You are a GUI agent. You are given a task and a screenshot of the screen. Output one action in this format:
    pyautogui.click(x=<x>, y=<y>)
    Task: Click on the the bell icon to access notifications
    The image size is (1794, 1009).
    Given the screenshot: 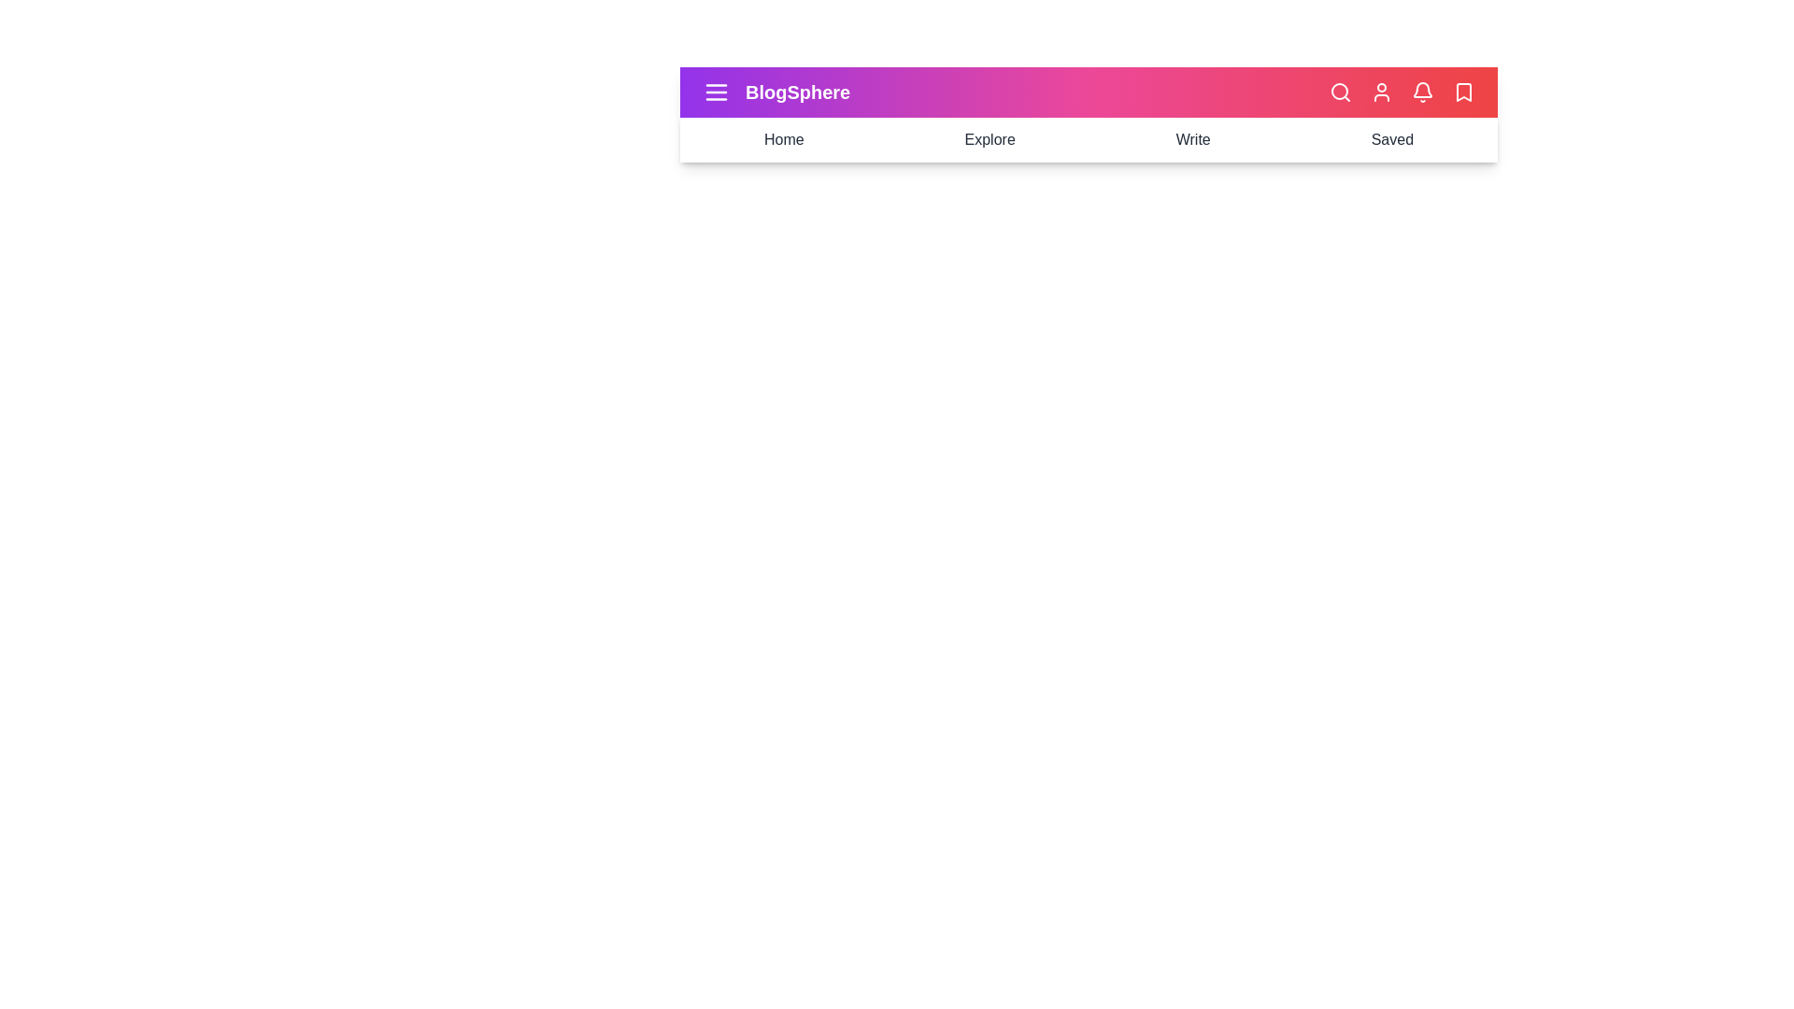 What is the action you would take?
    pyautogui.click(x=1421, y=92)
    